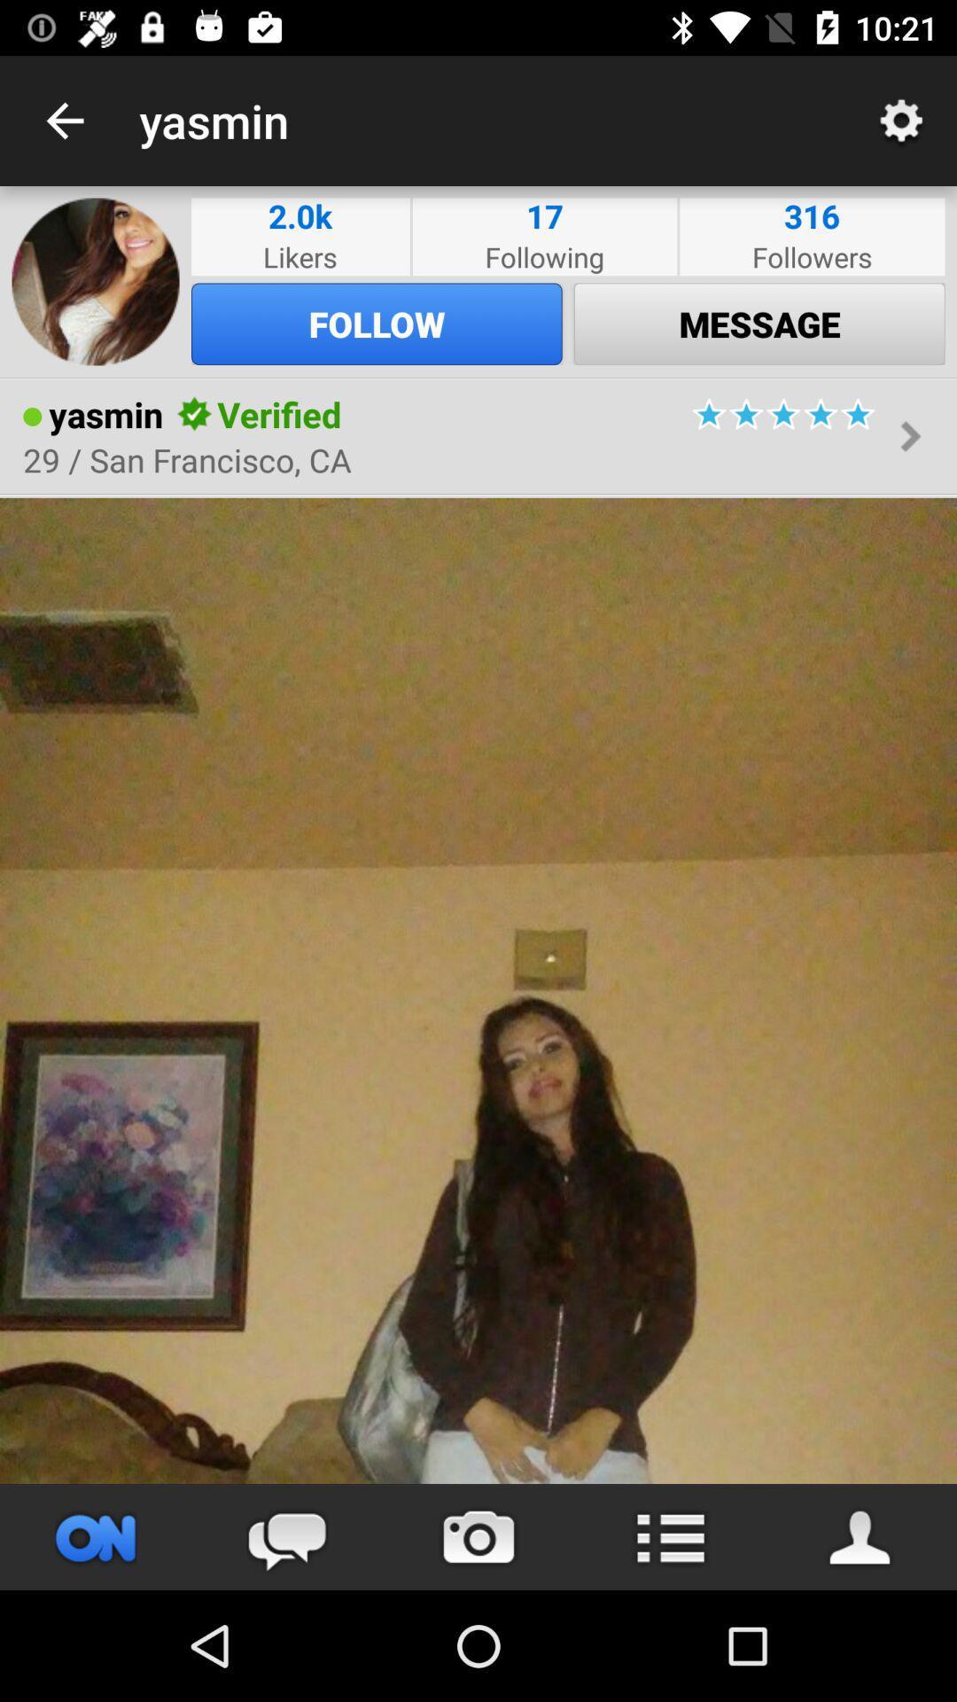 This screenshot has height=1702, width=957. Describe the element at coordinates (96, 1536) in the screenshot. I see `button on` at that location.